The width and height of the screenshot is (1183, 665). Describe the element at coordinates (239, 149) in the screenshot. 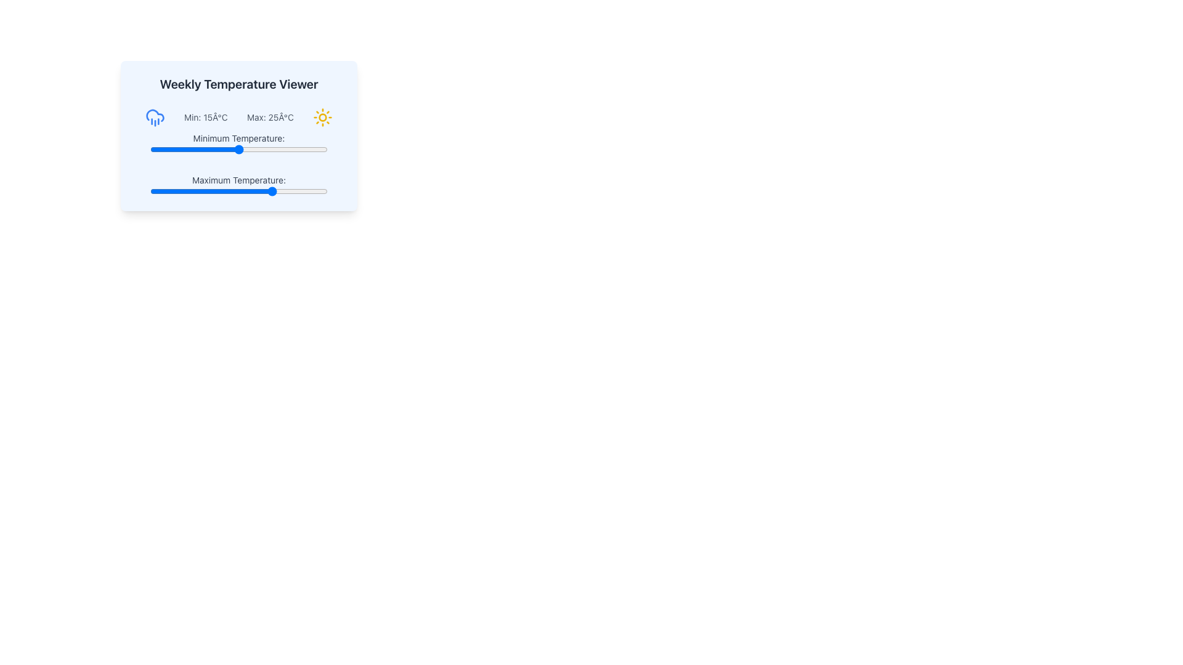

I see `the minimum temperature` at that location.